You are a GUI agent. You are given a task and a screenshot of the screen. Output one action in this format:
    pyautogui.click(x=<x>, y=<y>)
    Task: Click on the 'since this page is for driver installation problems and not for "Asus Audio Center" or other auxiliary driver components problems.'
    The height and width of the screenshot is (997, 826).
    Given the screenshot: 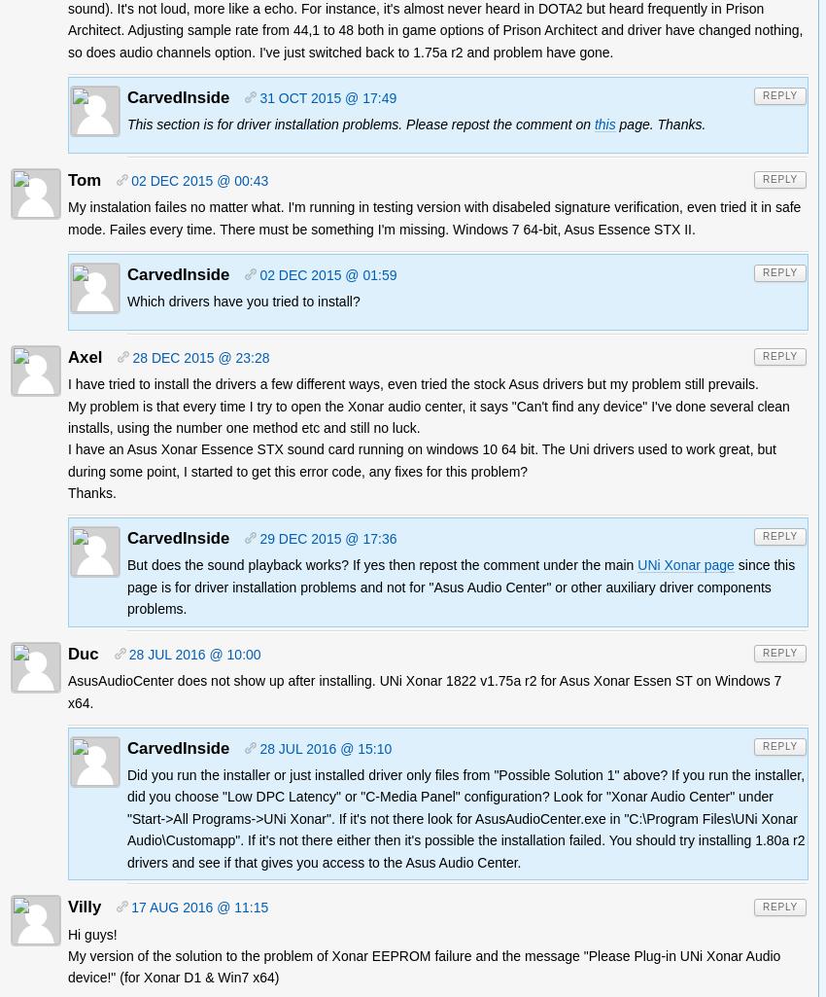 What is the action you would take?
    pyautogui.click(x=461, y=587)
    